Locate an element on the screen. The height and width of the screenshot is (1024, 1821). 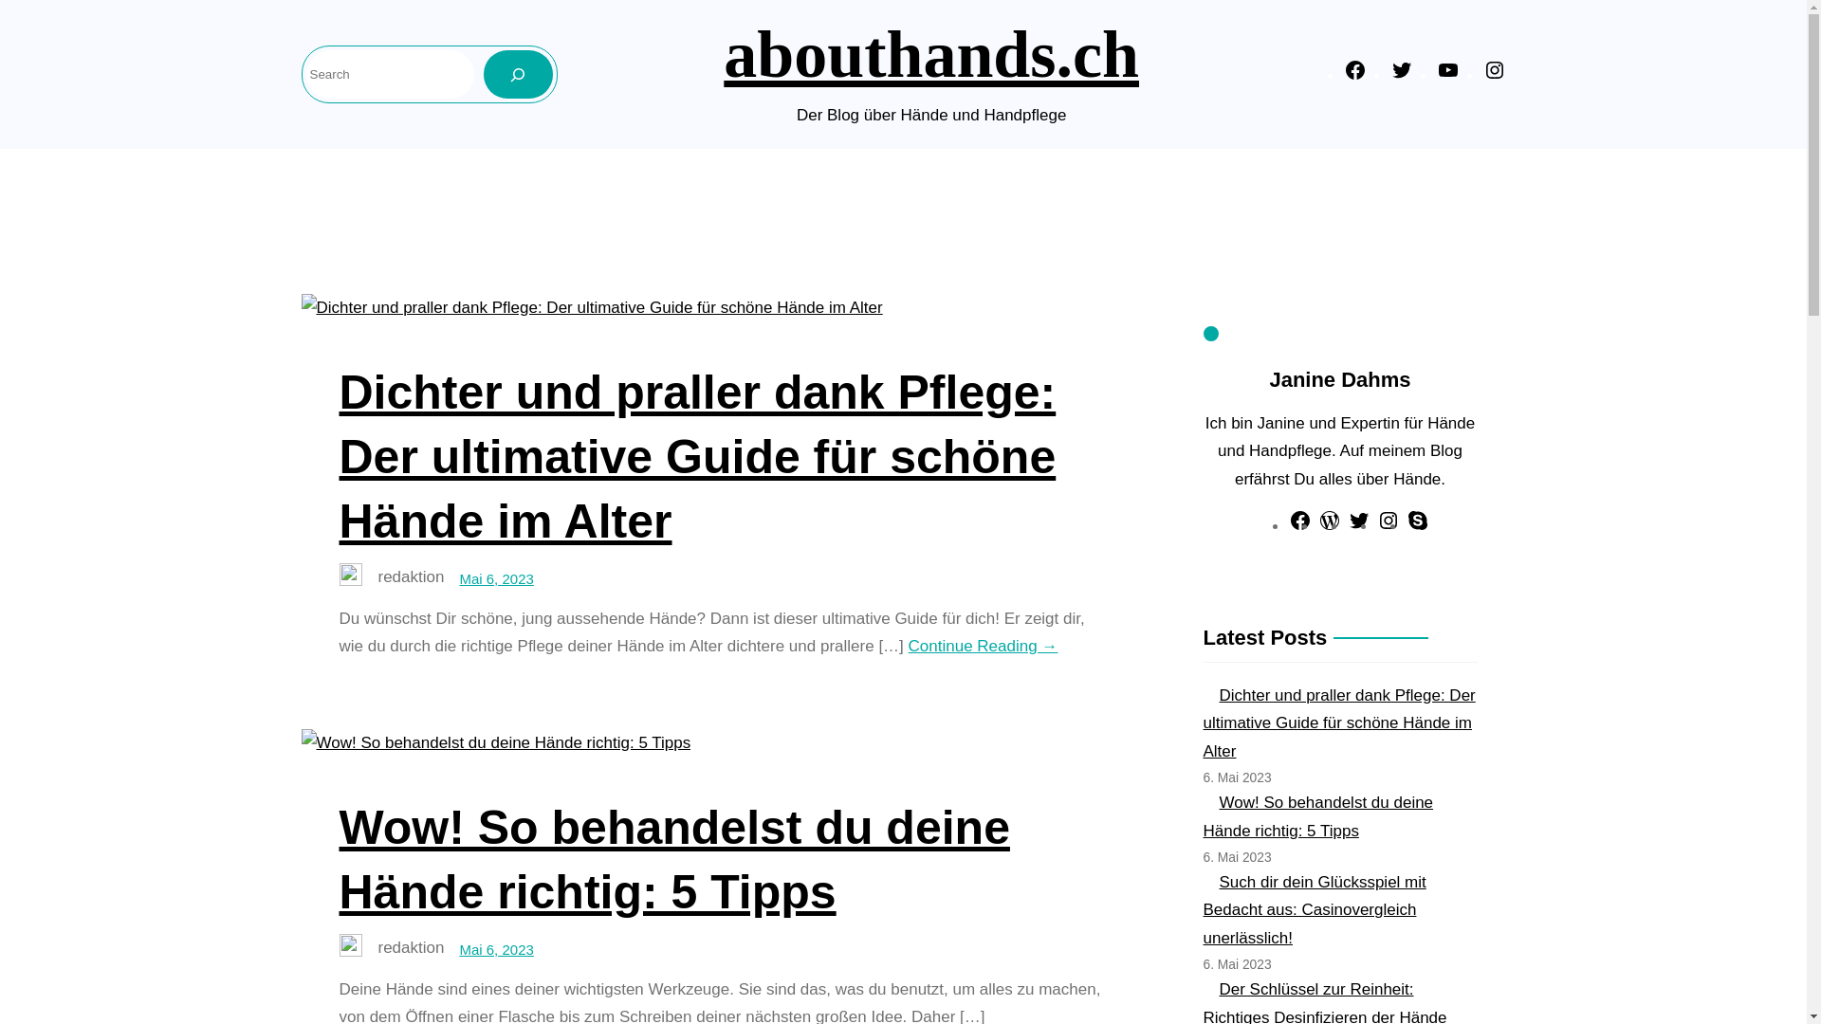
'WordPress' is located at coordinates (1328, 526).